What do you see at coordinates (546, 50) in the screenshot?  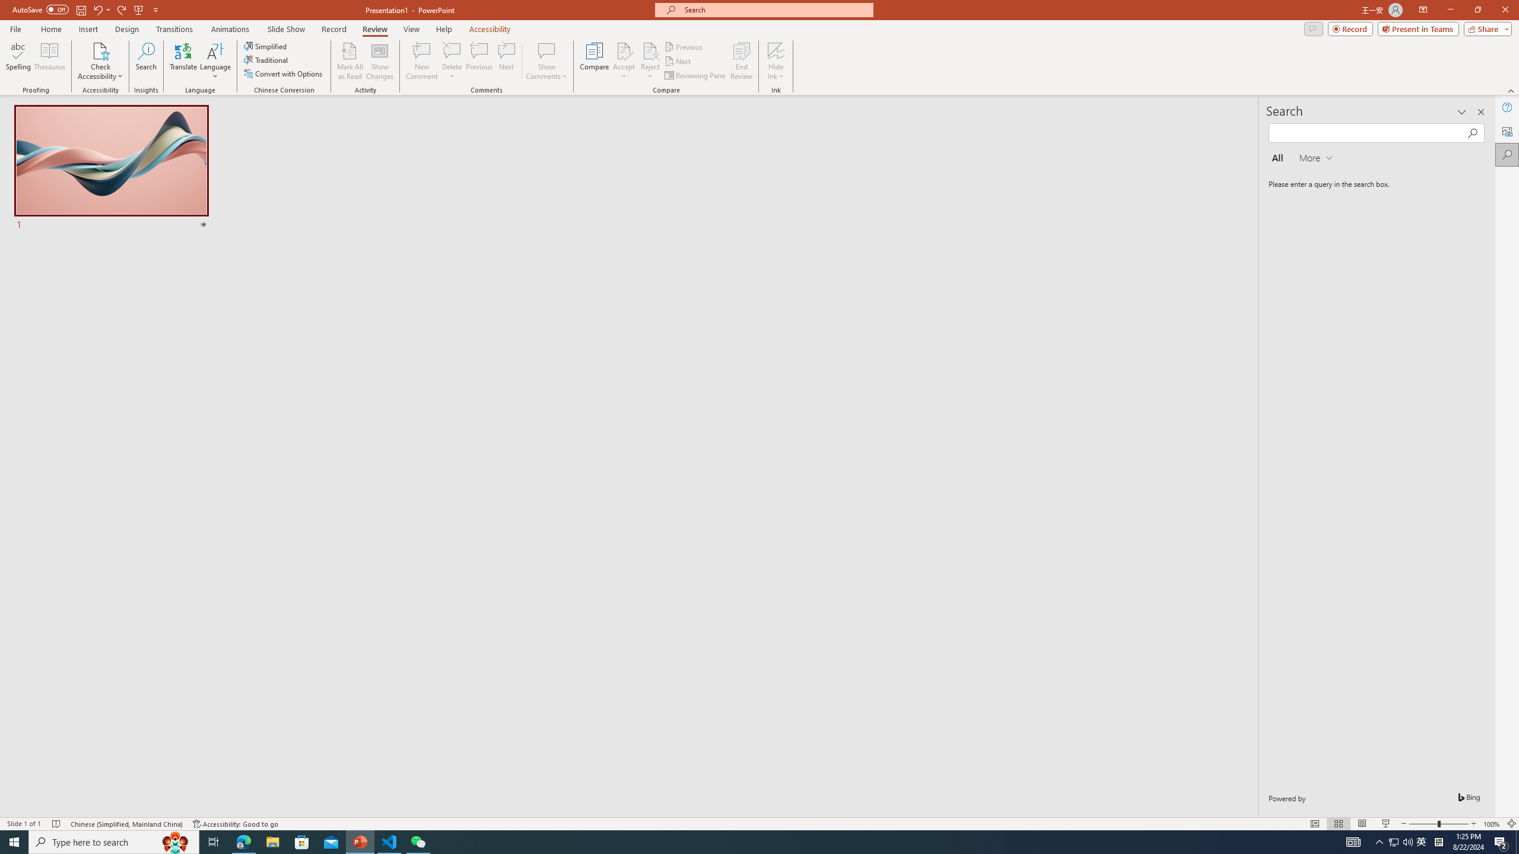 I see `'Show Comments'` at bounding box center [546, 50].